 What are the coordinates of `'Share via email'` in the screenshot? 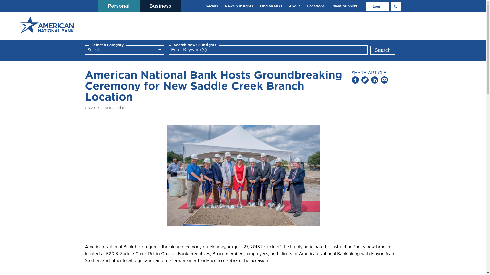 It's located at (385, 81).